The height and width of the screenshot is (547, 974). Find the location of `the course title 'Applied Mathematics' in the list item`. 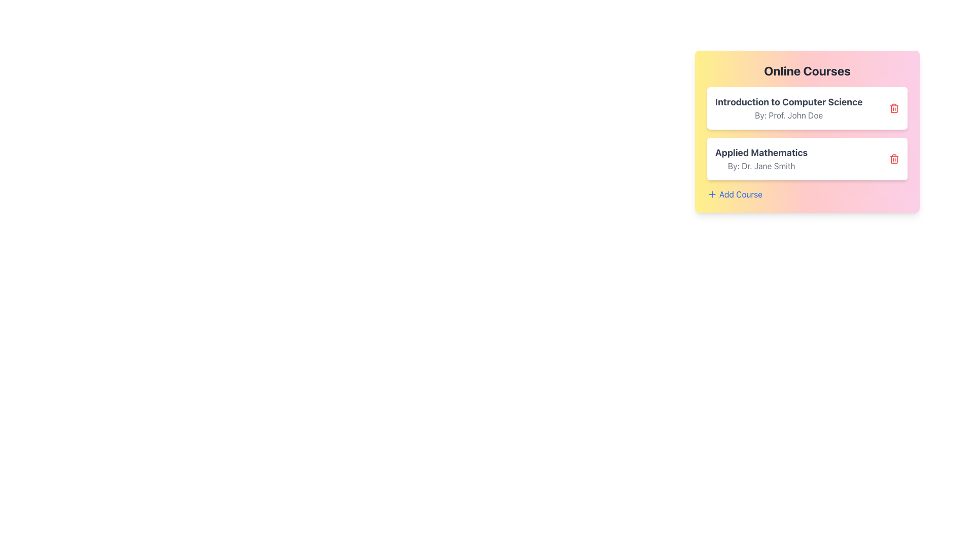

the course title 'Applied Mathematics' in the list item is located at coordinates (807, 144).